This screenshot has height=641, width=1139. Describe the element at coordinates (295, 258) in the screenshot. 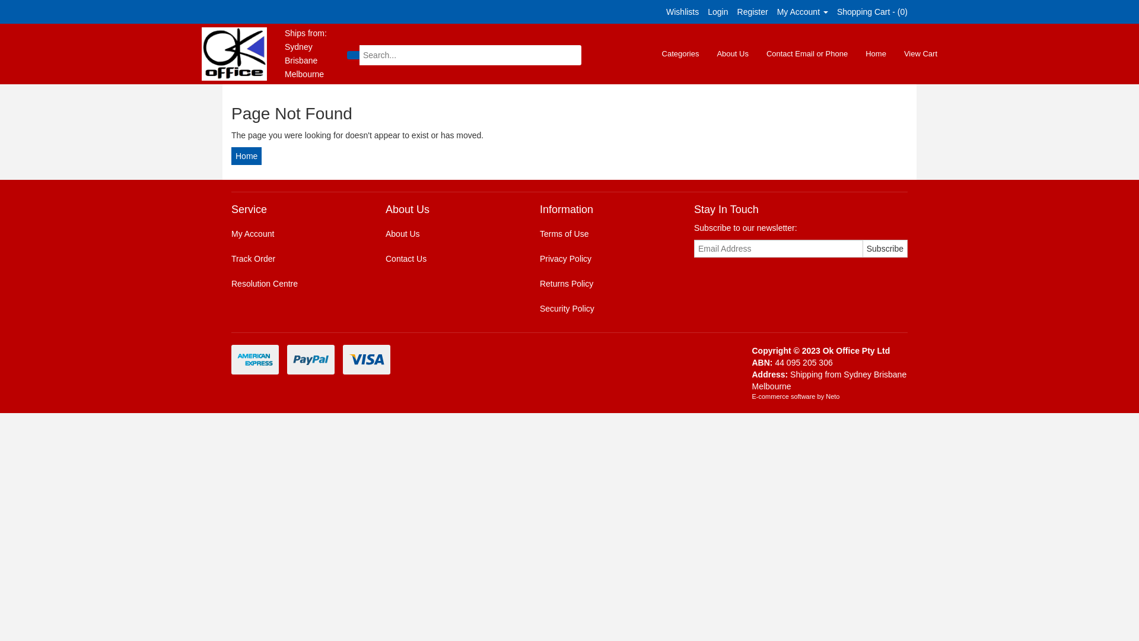

I see `'Track Order'` at that location.